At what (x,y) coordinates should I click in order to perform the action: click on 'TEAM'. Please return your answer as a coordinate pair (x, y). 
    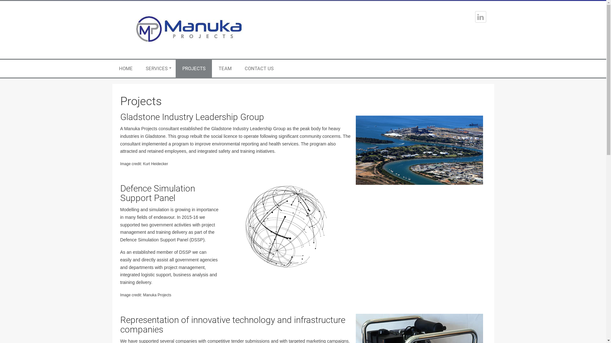
    Looking at the image, I should click on (225, 69).